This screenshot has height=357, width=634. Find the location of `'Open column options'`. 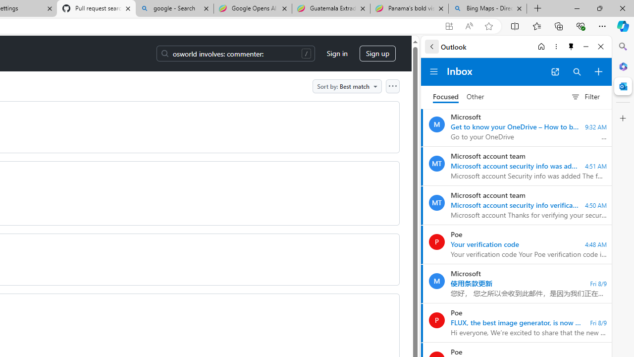

'Open column options' is located at coordinates (392, 85).